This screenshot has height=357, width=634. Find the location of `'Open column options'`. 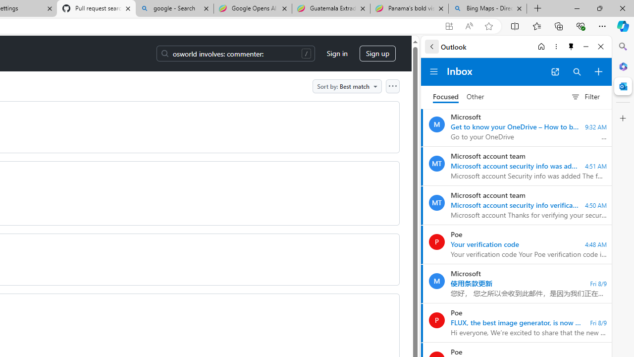

'Open column options' is located at coordinates (392, 85).